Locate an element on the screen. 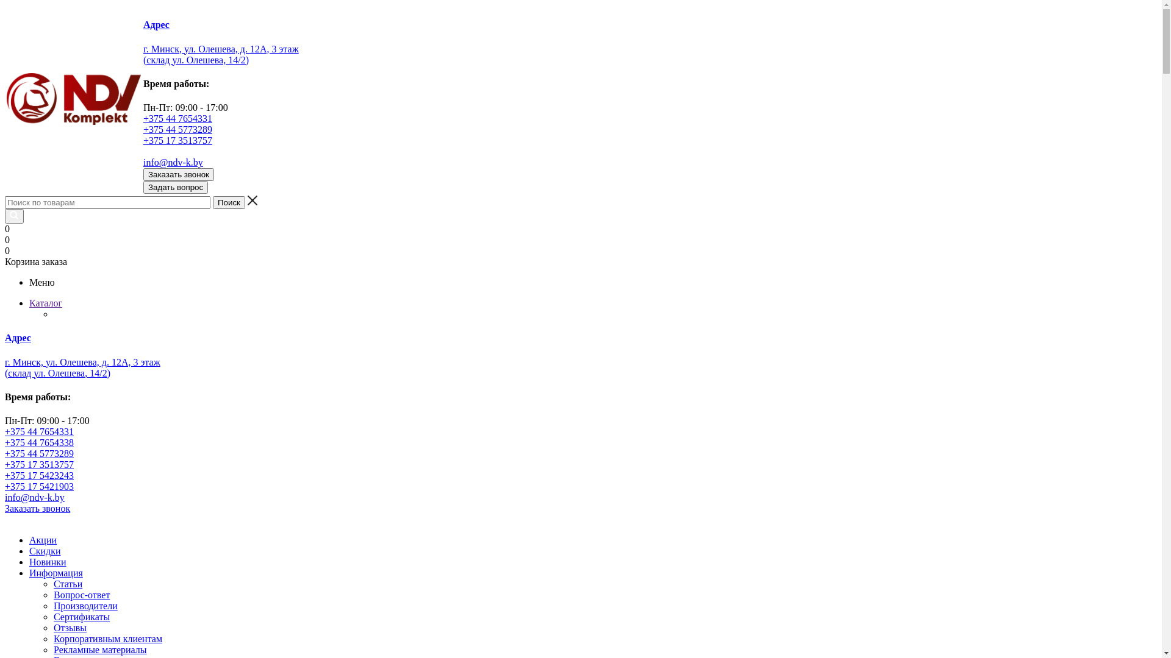 The height and width of the screenshot is (658, 1171). 'info@ndv-k.by' is located at coordinates (143, 161).